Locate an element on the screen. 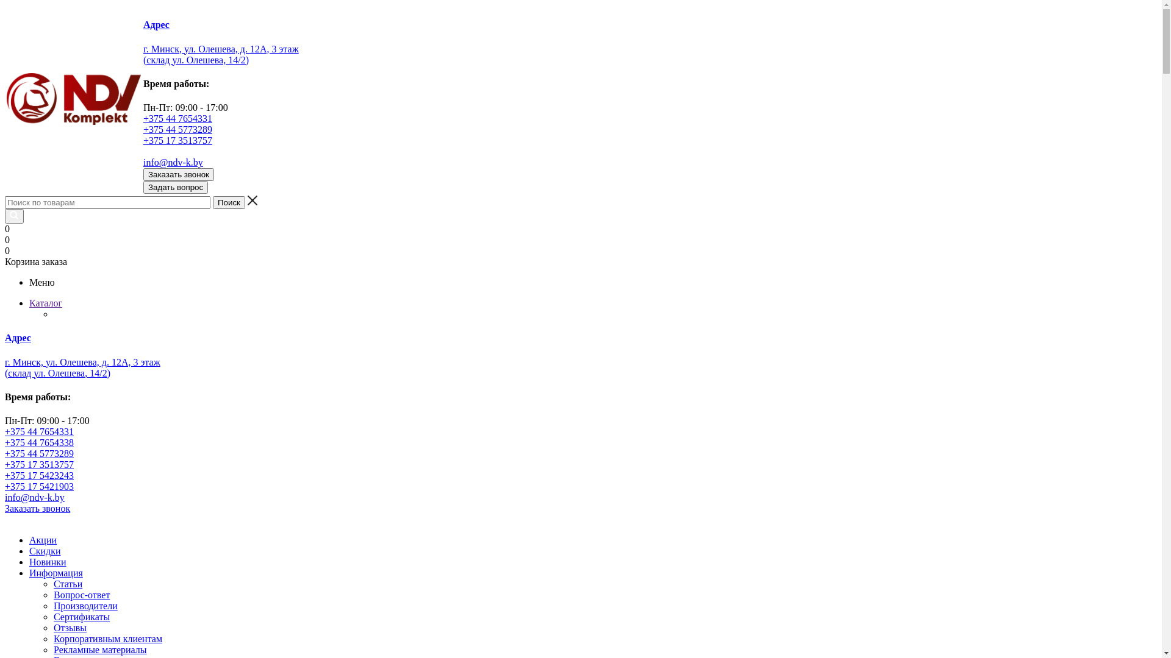 The height and width of the screenshot is (658, 1171). 'info@ndv-k.by' is located at coordinates (143, 161).